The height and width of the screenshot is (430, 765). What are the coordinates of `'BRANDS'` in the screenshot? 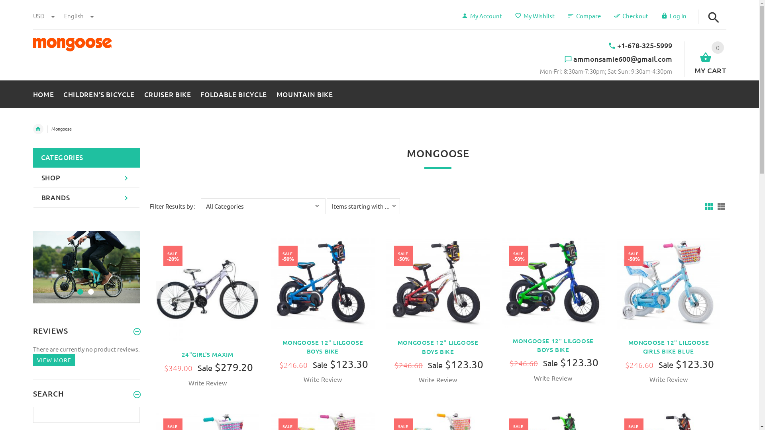 It's located at (86, 197).